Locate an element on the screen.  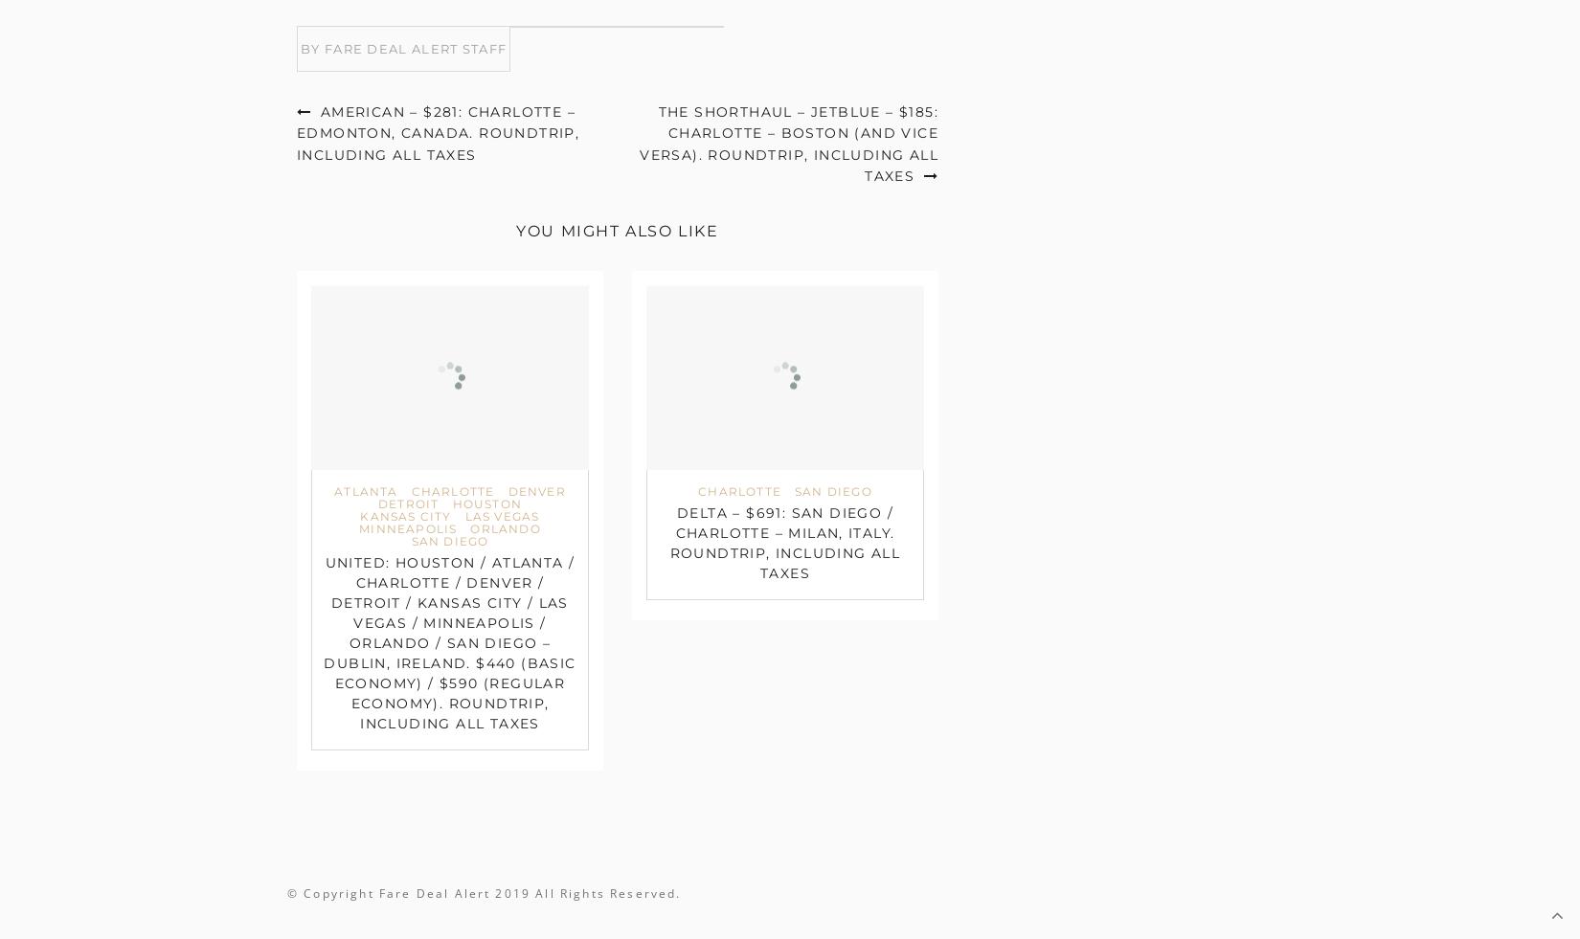
'Orlando' is located at coordinates (504, 528).